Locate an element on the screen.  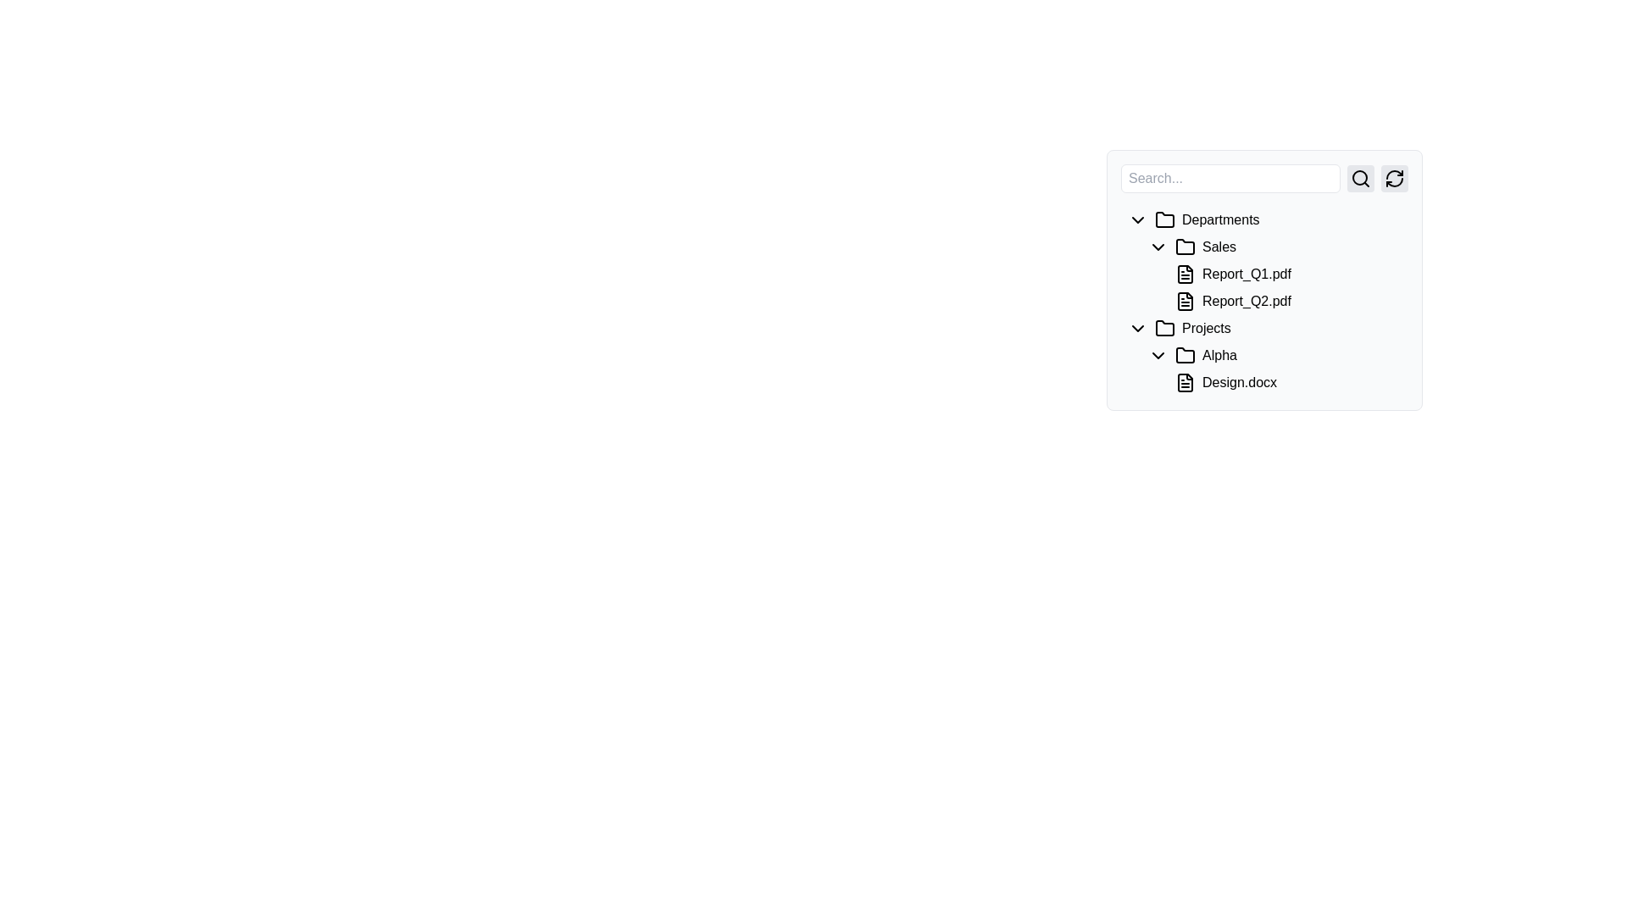
the downward-facing chevron icon with a black stroke, located next to the 'Departments' label is located at coordinates (1138, 219).